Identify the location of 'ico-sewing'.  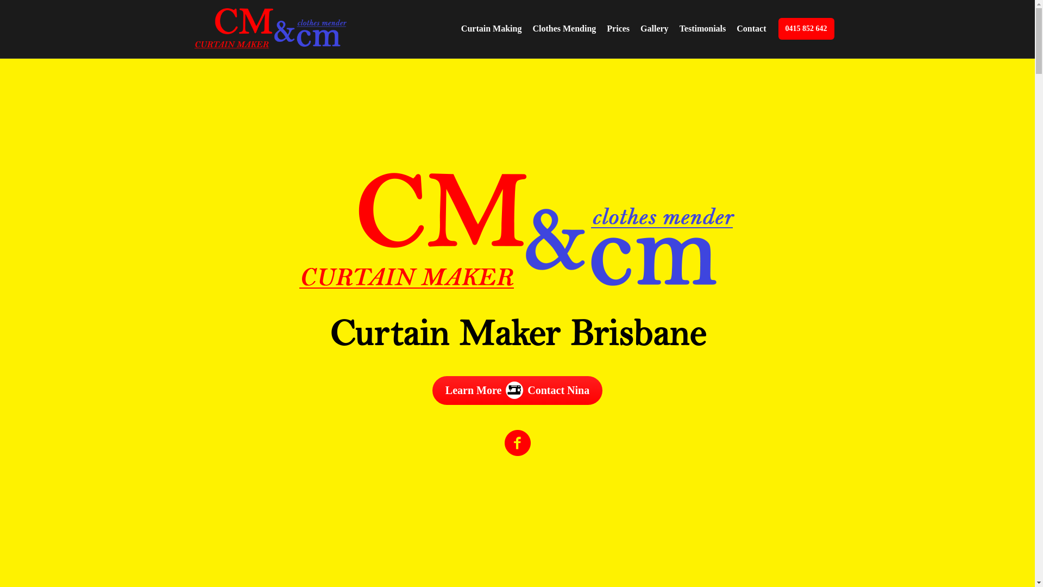
(513, 387).